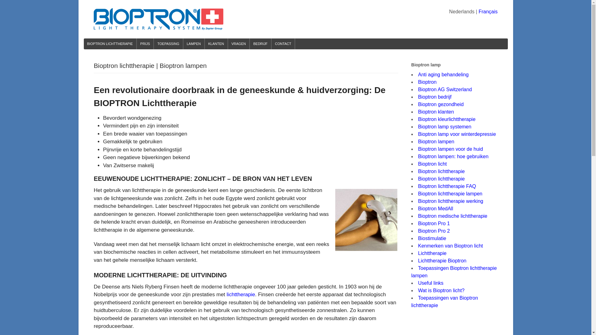  What do you see at coordinates (440, 104) in the screenshot?
I see `'Bioptron gezondheid'` at bounding box center [440, 104].